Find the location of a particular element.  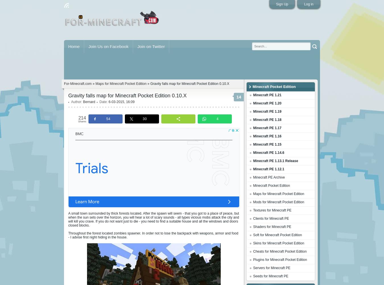

'Join Us on Facebook' is located at coordinates (88, 46).